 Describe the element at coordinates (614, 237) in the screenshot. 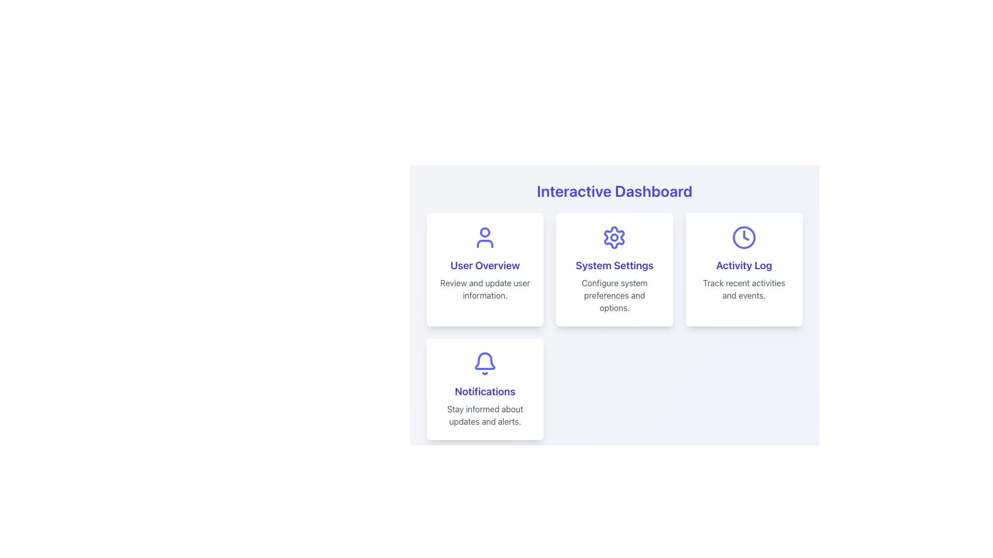

I see `the gear-shaped icon in indigo with a light outline, located in the center of the 'System Settings' card, positioned in the top-right quadrant of the dashboard` at that location.